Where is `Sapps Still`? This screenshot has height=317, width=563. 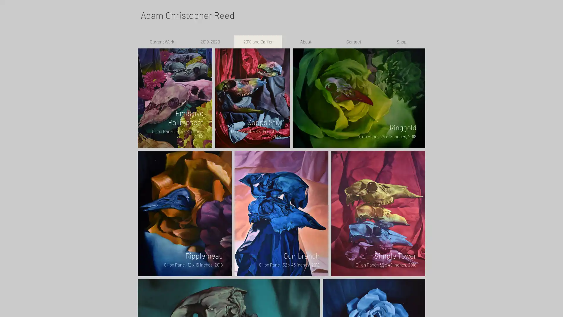 Sapps Still is located at coordinates (252, 98).